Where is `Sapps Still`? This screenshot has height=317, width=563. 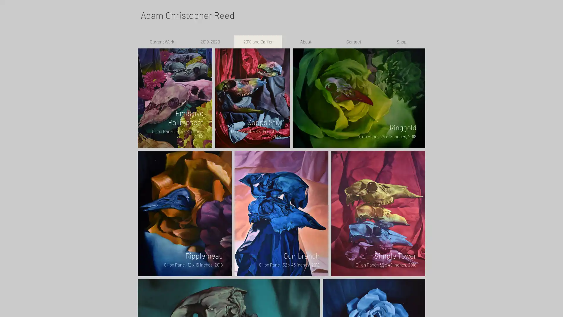 Sapps Still is located at coordinates (252, 98).